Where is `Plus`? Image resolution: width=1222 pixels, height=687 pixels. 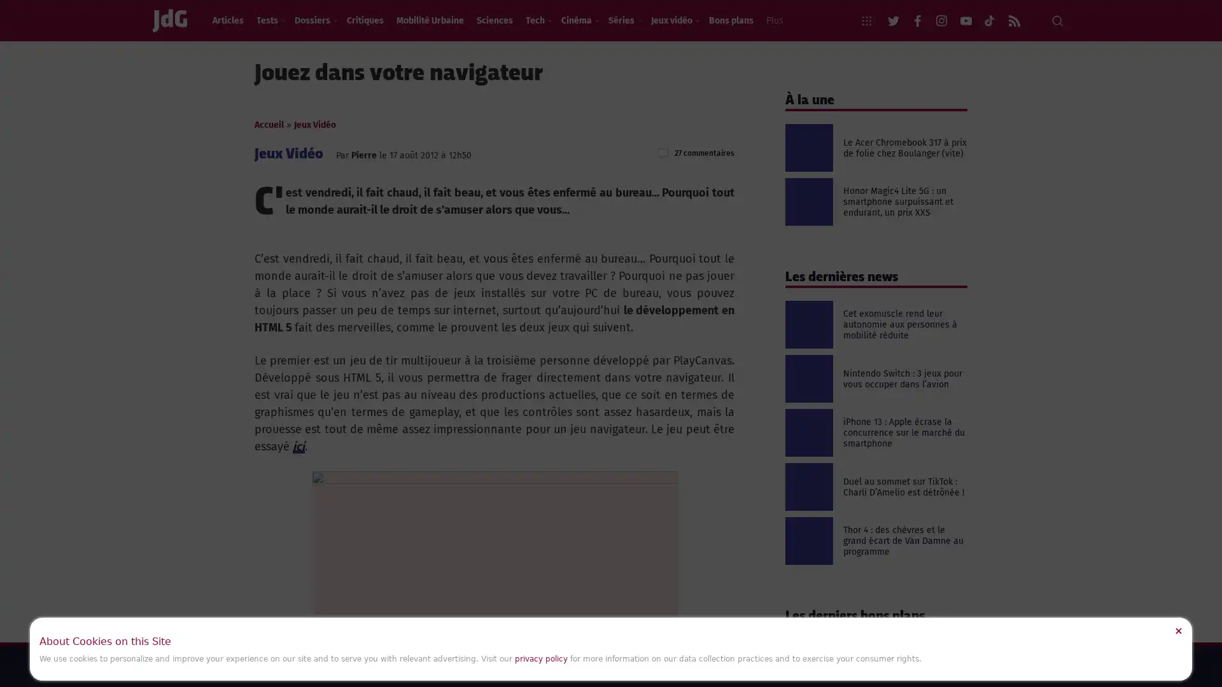 Plus is located at coordinates (774, 20).